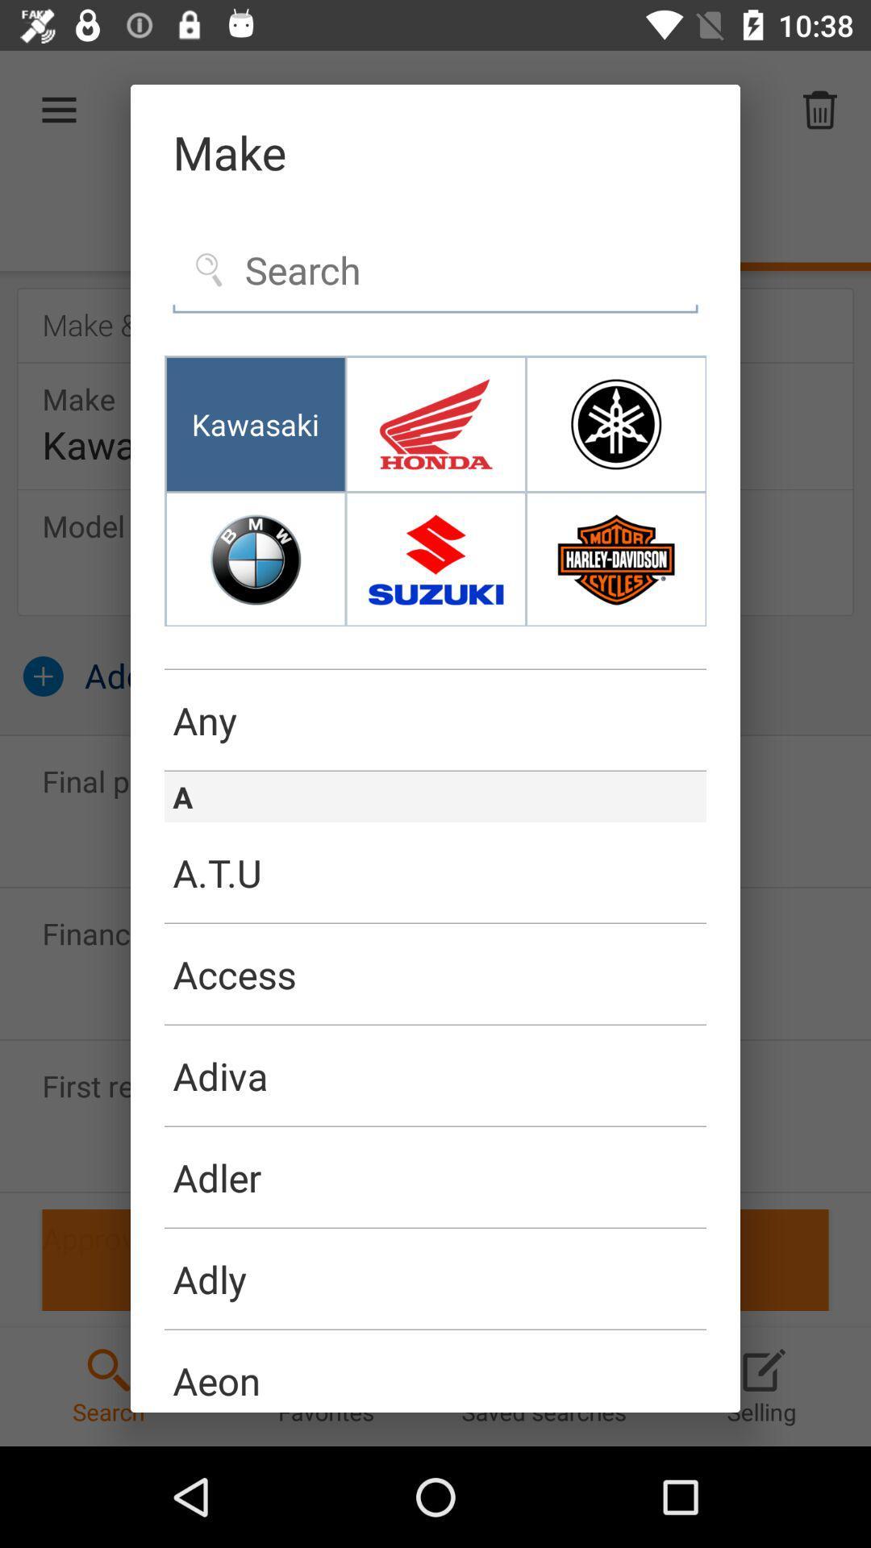 The width and height of the screenshot is (871, 1548). Describe the element at coordinates (435, 872) in the screenshot. I see `the a.t.u item` at that location.